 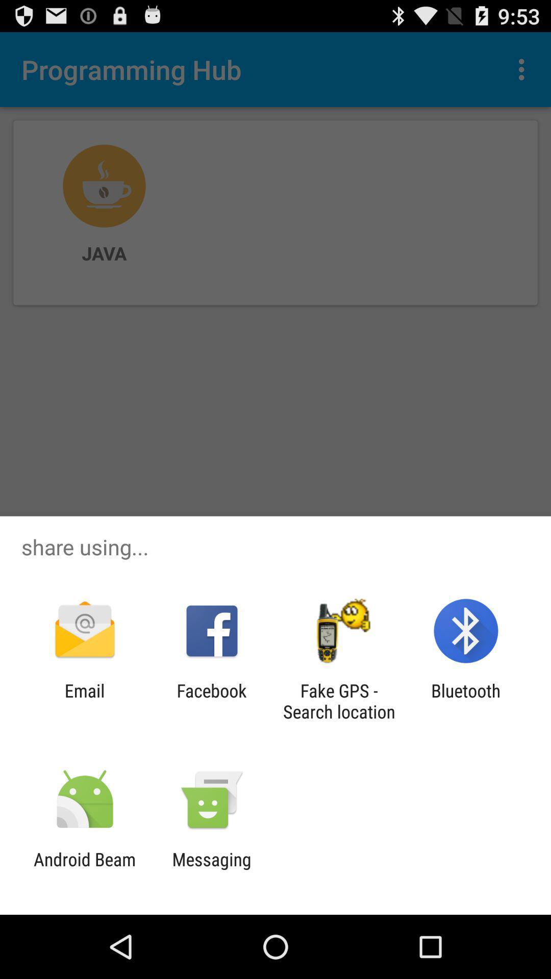 What do you see at coordinates (84, 701) in the screenshot?
I see `the email icon` at bounding box center [84, 701].